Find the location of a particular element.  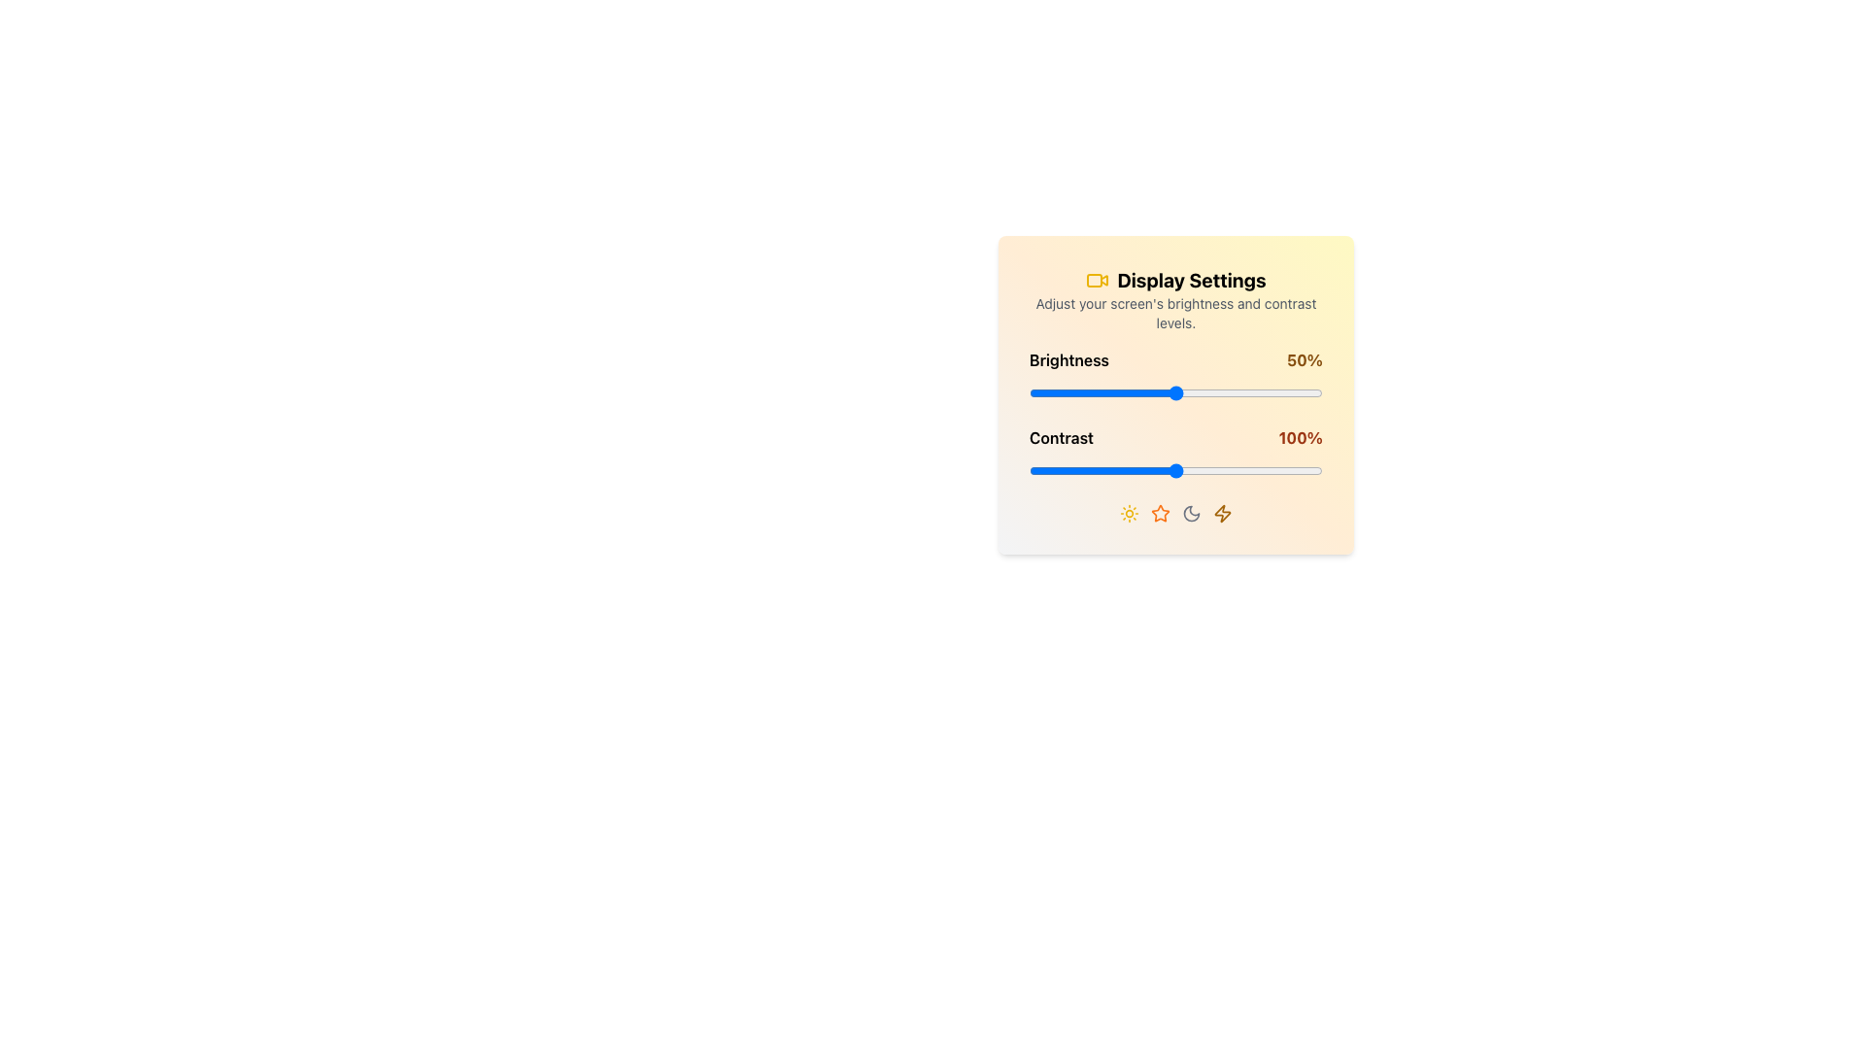

the brightness is located at coordinates (1135, 393).